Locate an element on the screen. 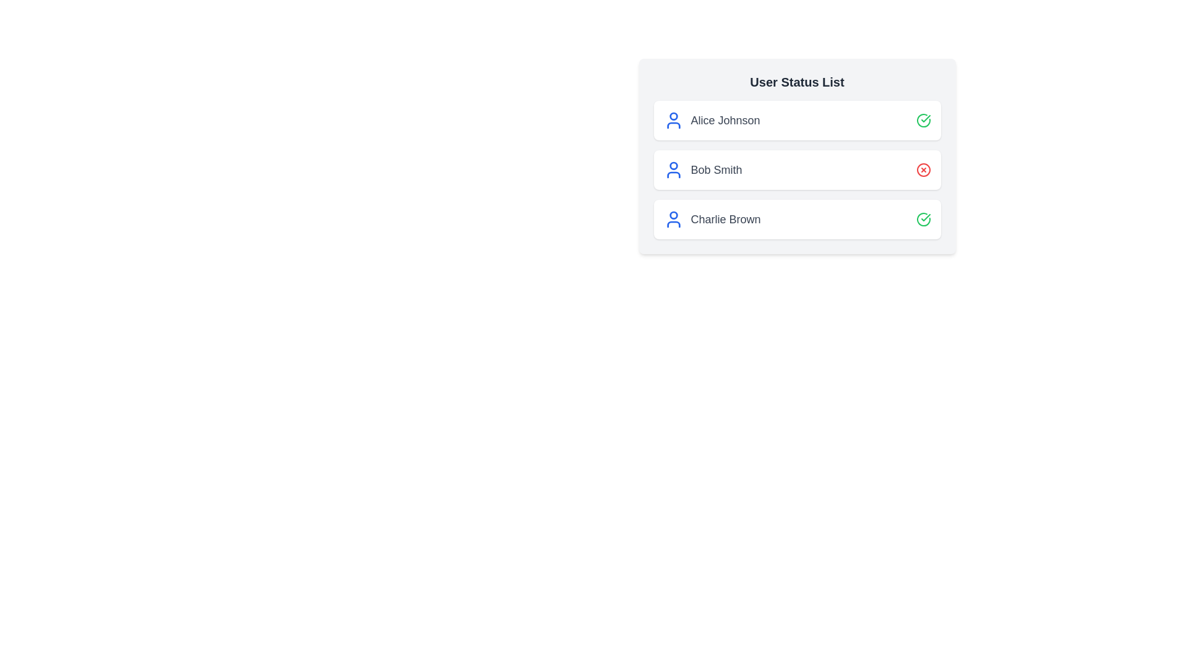  the user name Charlie Brown is located at coordinates (797, 218).